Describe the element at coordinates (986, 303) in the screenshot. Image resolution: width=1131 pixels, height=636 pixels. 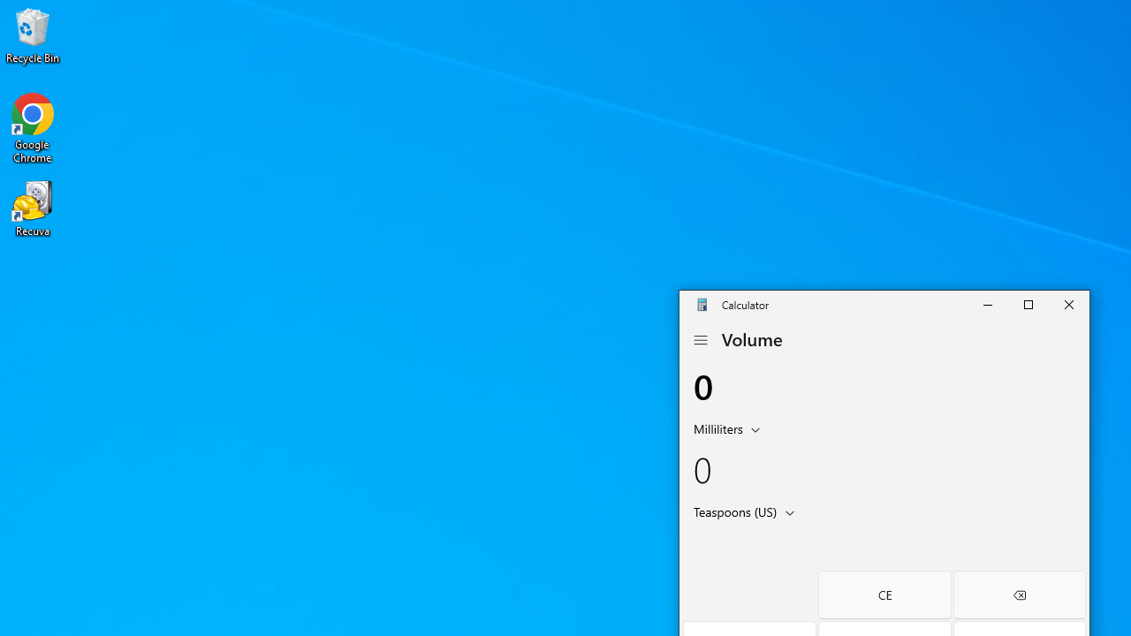
I see `'Minimize Calculator'` at that location.